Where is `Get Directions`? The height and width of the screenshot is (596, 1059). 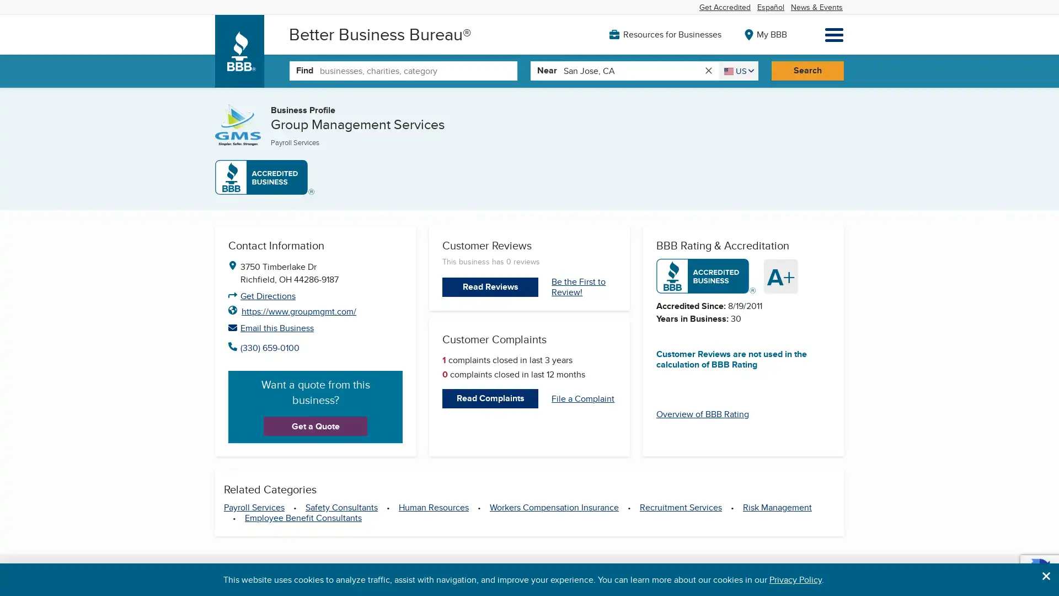
Get Directions is located at coordinates (268, 295).